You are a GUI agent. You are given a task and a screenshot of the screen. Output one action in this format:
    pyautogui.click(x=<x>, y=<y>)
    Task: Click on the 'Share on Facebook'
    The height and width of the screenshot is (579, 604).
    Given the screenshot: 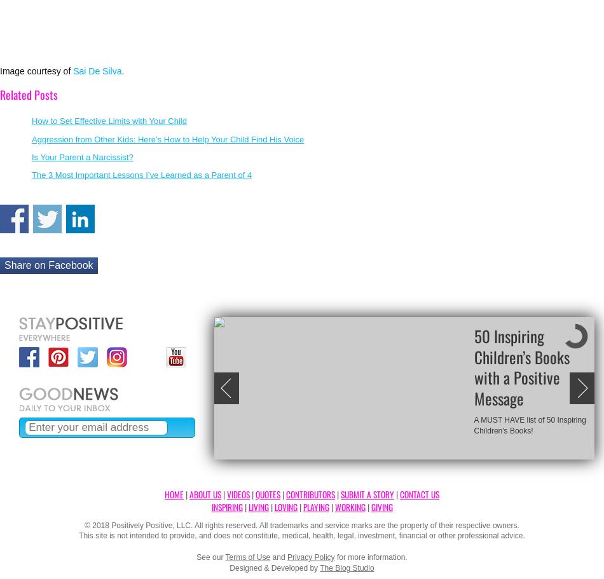 What is the action you would take?
    pyautogui.click(x=48, y=264)
    